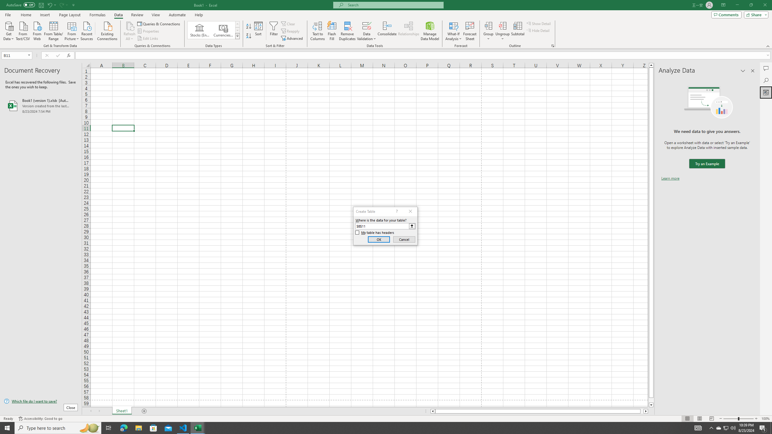  I want to click on 'File Tab', so click(8, 14).